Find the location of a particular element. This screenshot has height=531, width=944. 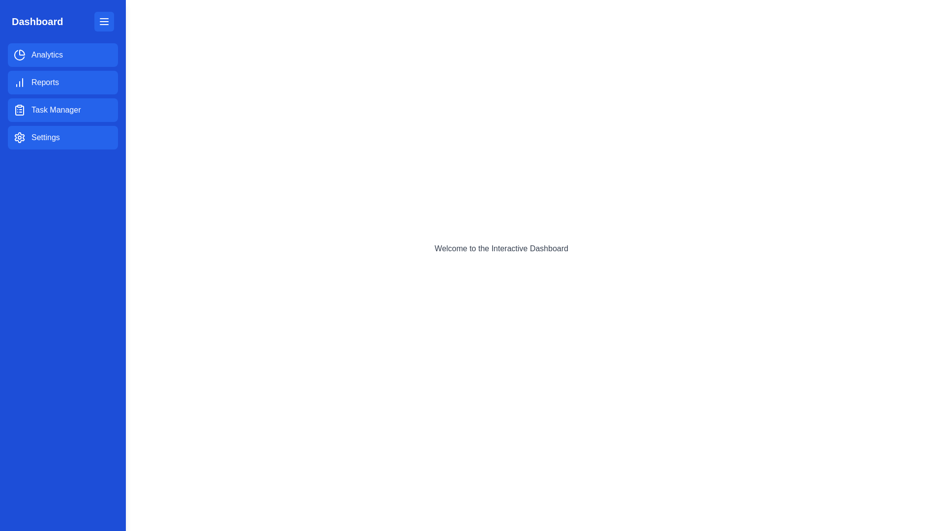

the menu item labeled Task Manager in the drawer is located at coordinates (62, 110).